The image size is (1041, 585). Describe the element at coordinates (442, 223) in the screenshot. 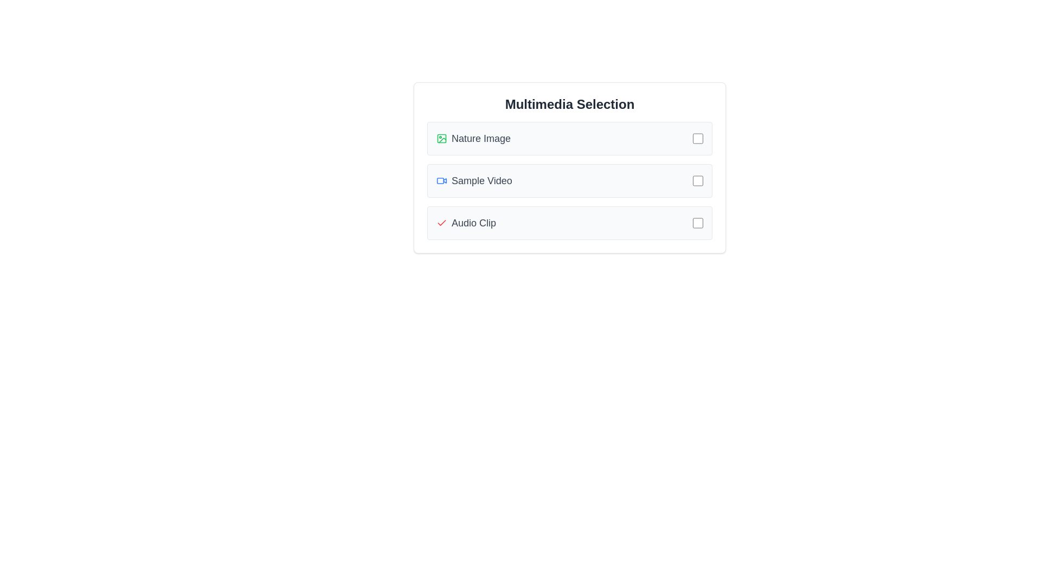

I see `the red checkmark icon indicating selection, which is positioned to the left of the 'Audio Clip' text label` at that location.